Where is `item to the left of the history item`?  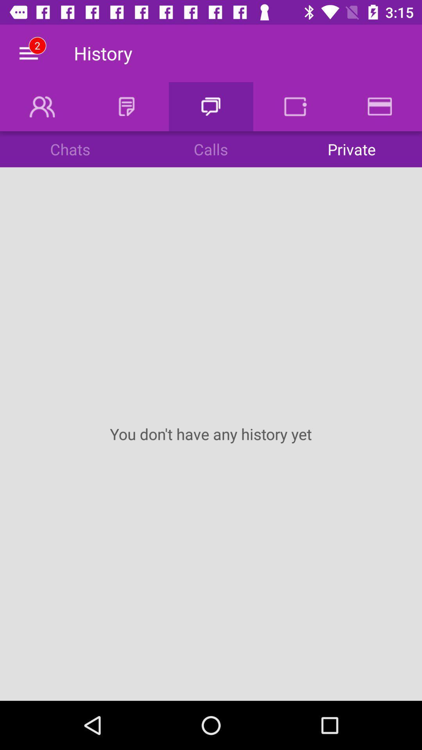 item to the left of the history item is located at coordinates (28, 53).